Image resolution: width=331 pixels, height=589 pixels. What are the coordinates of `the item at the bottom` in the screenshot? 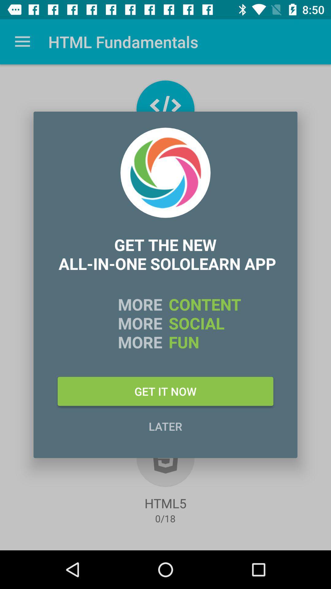 It's located at (165, 426).